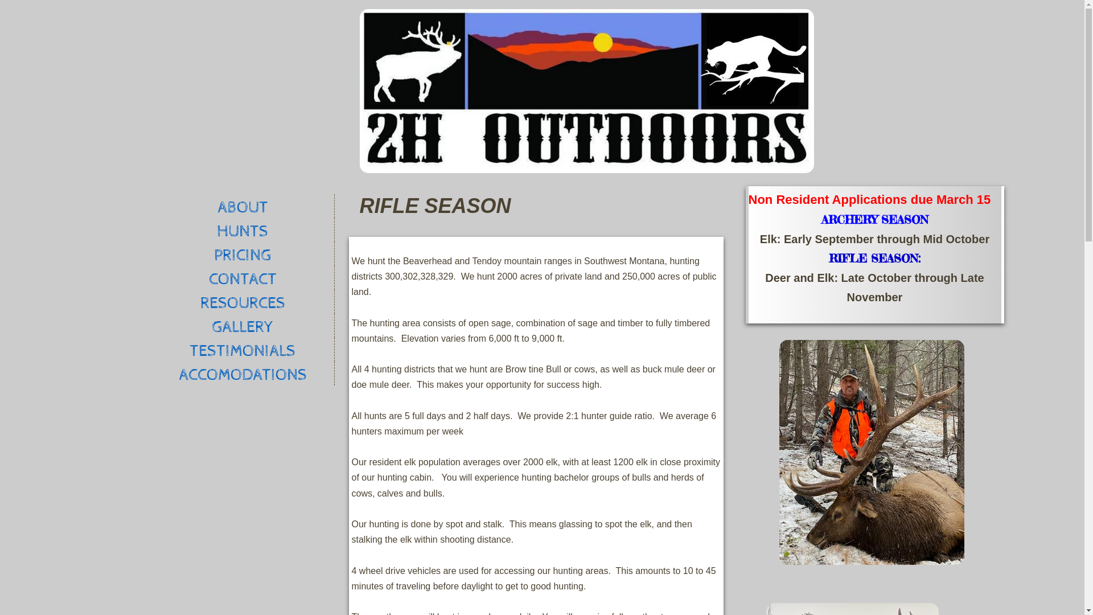 This screenshot has height=615, width=1093. Describe the element at coordinates (243, 230) in the screenshot. I see `'HUNTS'` at that location.